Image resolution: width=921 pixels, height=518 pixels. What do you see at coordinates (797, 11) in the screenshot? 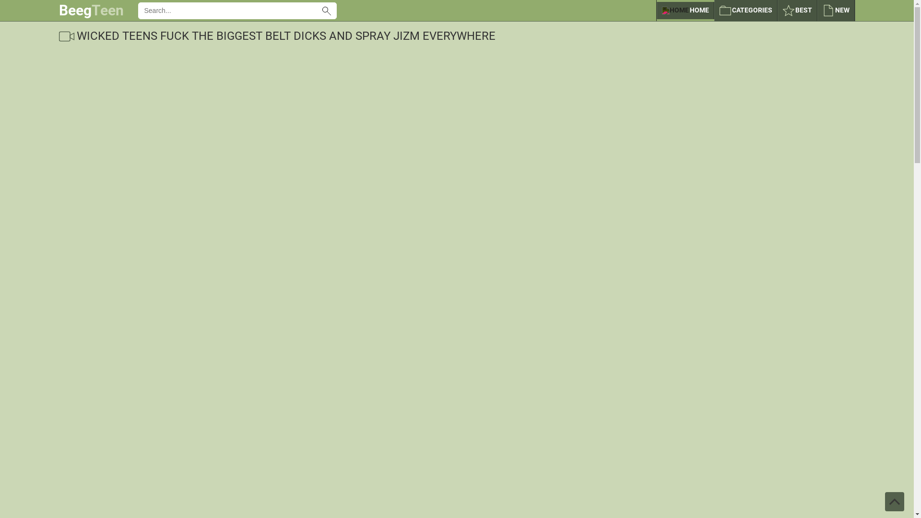
I see `'BEST'` at bounding box center [797, 11].